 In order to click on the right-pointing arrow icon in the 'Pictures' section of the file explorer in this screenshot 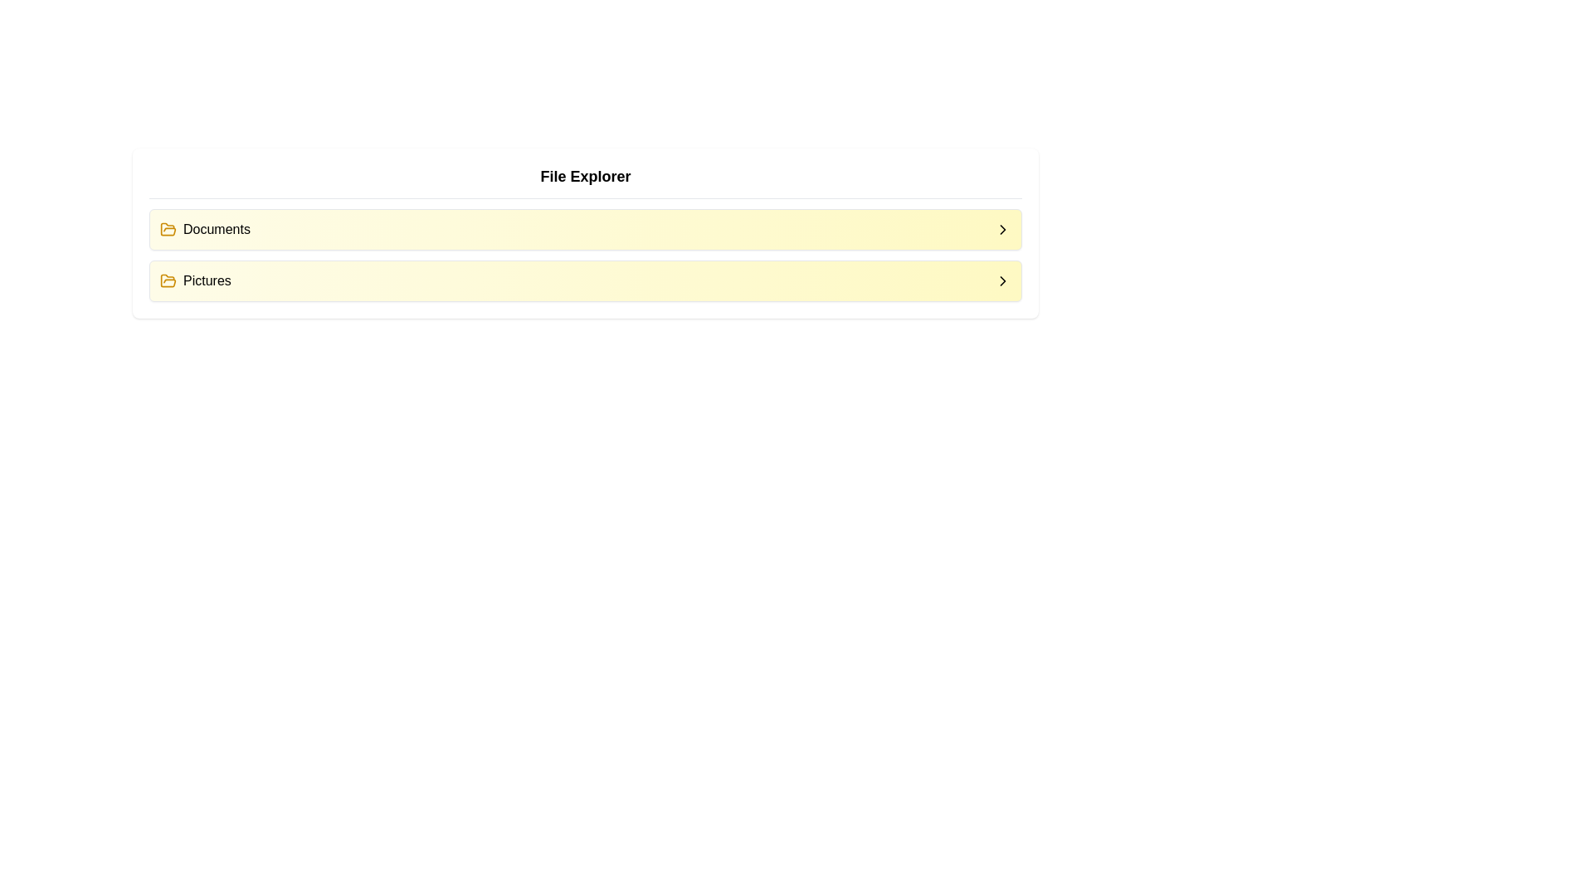, I will do `click(1002, 230)`.